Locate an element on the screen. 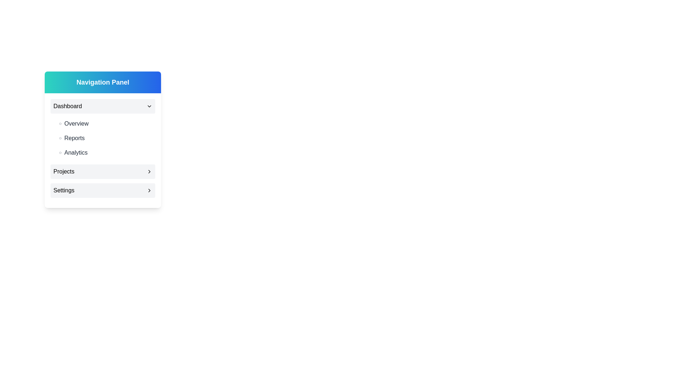 The image size is (698, 392). the navigation button located at the bottom of the vertical navigation menu, directly under the 'Projects' button is located at coordinates (103, 190).